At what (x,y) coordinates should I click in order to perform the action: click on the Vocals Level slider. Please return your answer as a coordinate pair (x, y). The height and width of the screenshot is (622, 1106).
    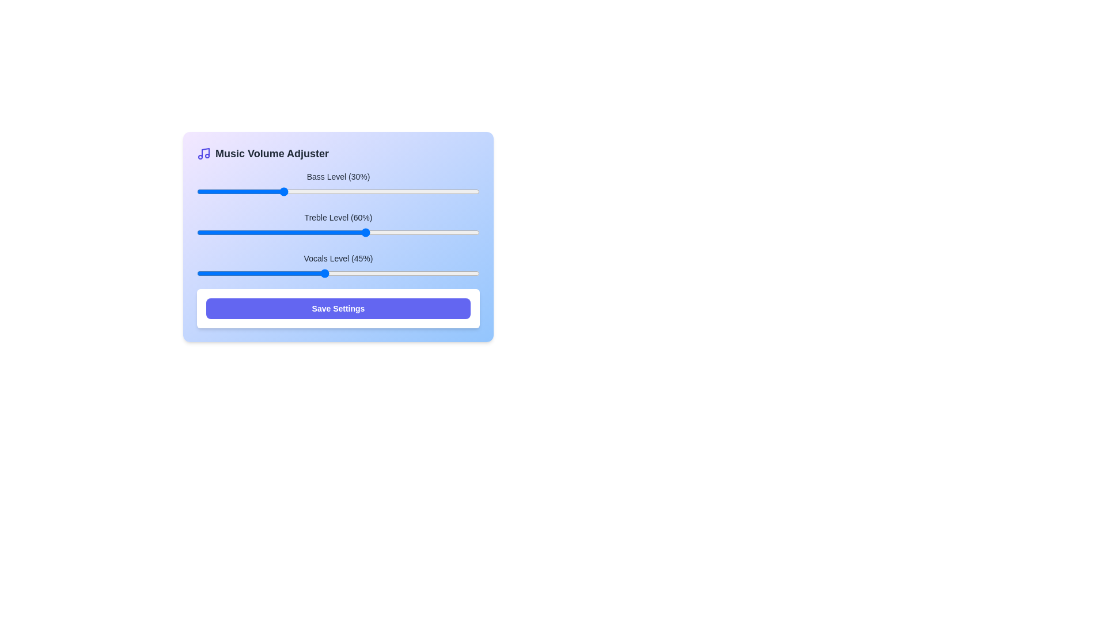
    Looking at the image, I should click on (247, 273).